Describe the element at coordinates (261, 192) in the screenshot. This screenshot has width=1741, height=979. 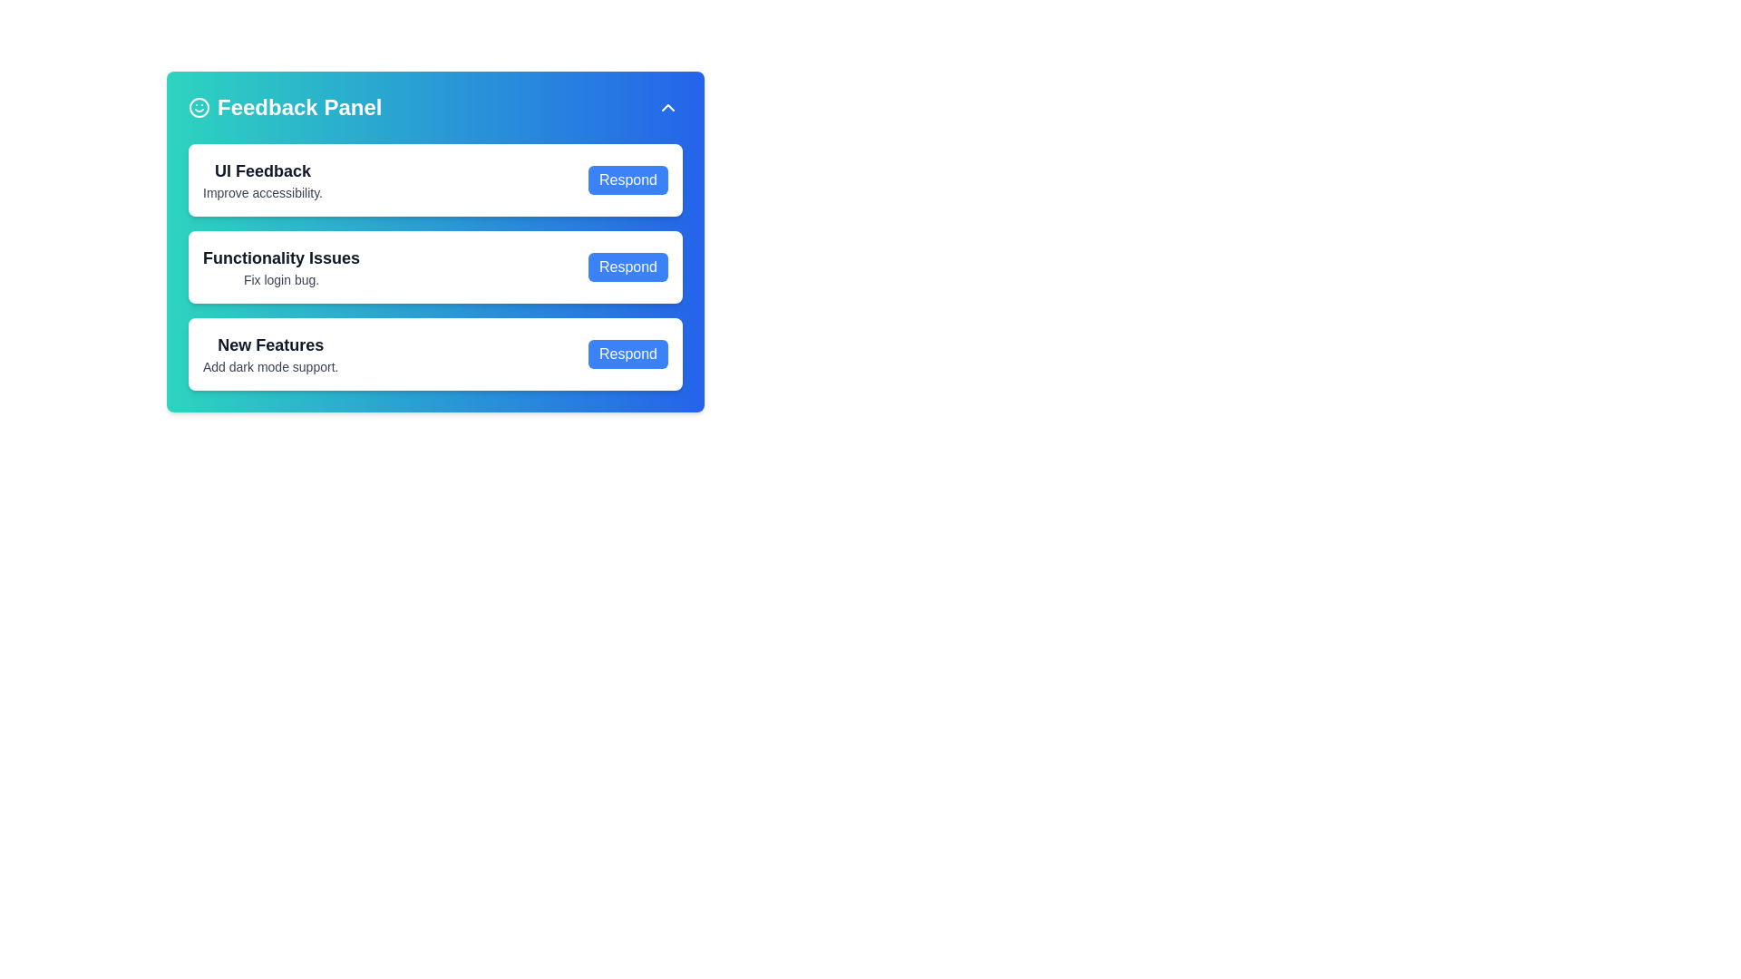
I see `descriptive text label located under the 'UI Feedback' section, specifically the second line of content in the feedback panel interface` at that location.